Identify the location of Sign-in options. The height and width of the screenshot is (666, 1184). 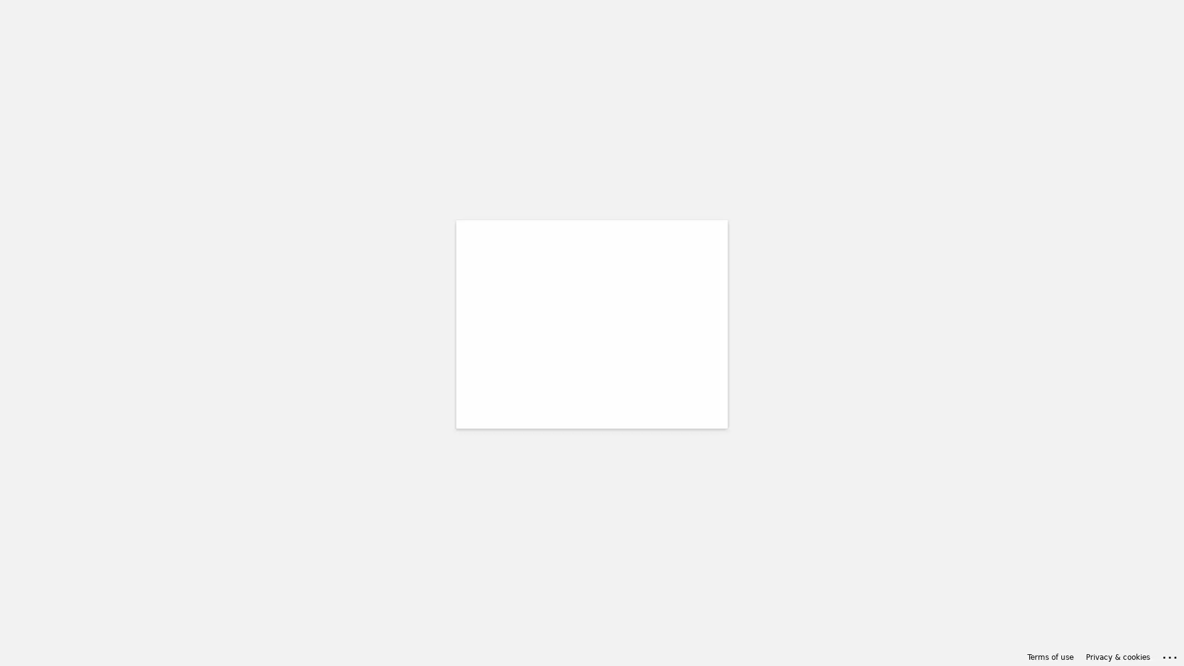
(592, 437).